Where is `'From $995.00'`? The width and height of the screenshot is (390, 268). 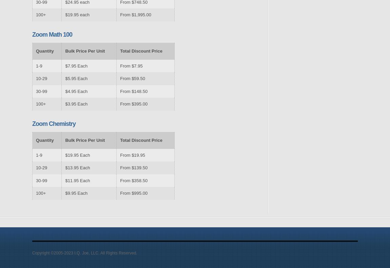 'From $995.00' is located at coordinates (134, 193).